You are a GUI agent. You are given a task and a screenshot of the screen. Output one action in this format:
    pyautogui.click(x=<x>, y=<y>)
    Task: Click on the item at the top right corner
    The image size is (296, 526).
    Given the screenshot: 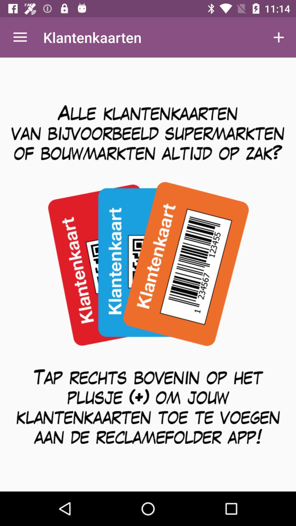 What is the action you would take?
    pyautogui.click(x=279, y=37)
    